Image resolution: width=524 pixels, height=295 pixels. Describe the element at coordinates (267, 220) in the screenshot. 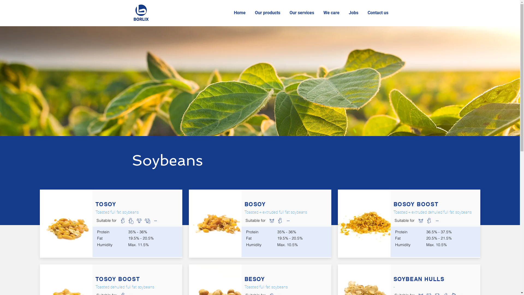

I see `'Piglets'` at that location.